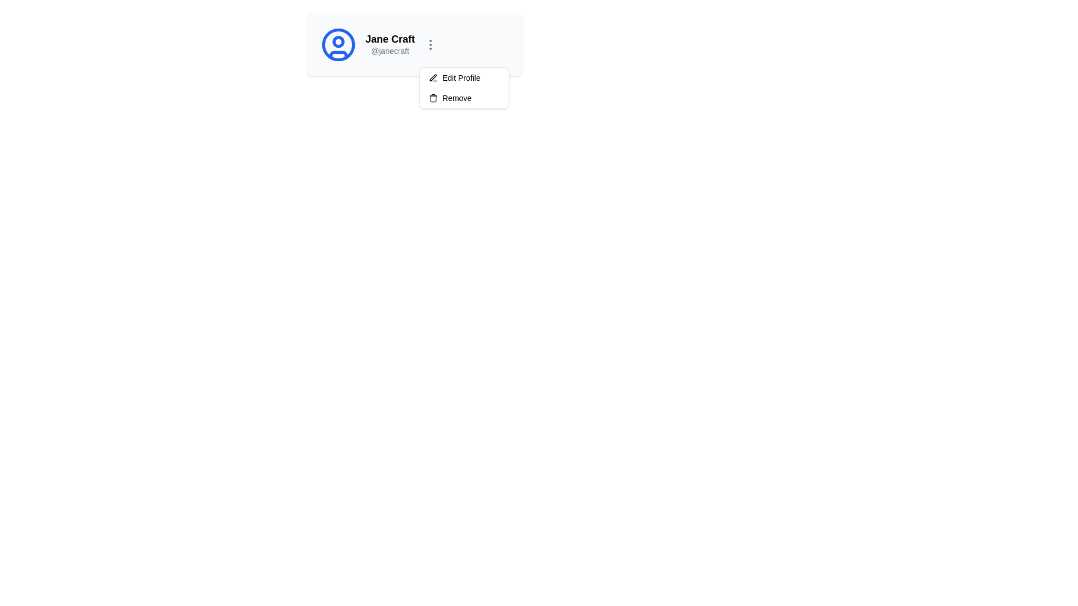 This screenshot has width=1078, height=606. What do you see at coordinates (464, 97) in the screenshot?
I see `the second item in the dropdown menu that triggers a removal action, which appears below the 'Edit Profile' option` at bounding box center [464, 97].